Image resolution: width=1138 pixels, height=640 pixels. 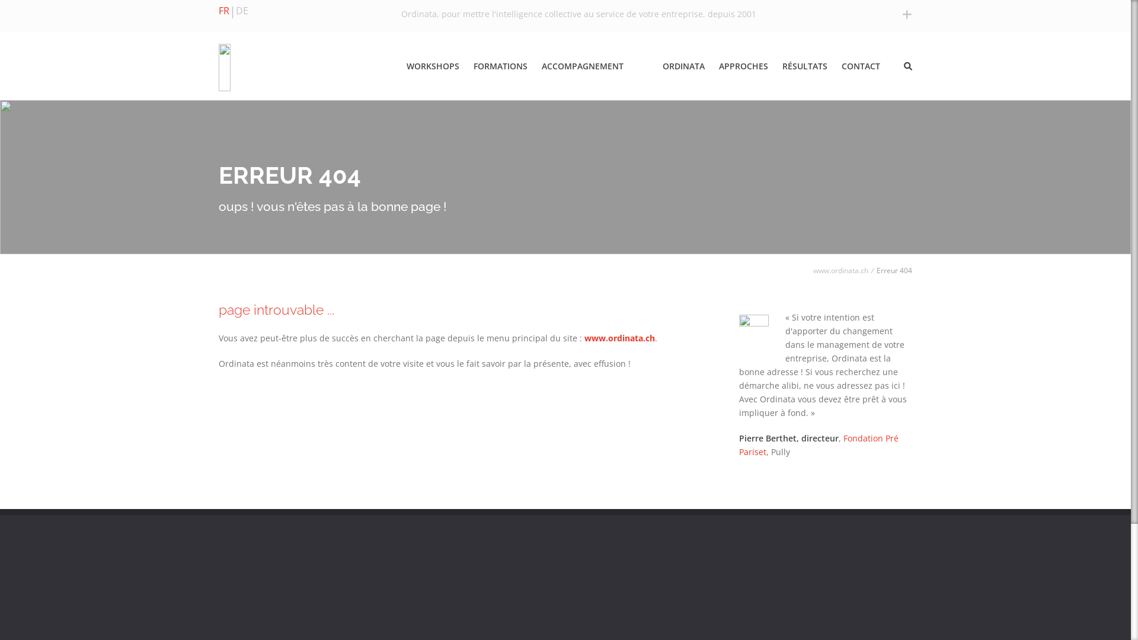 What do you see at coordinates (688, 66) in the screenshot?
I see `'ORDINATA'` at bounding box center [688, 66].